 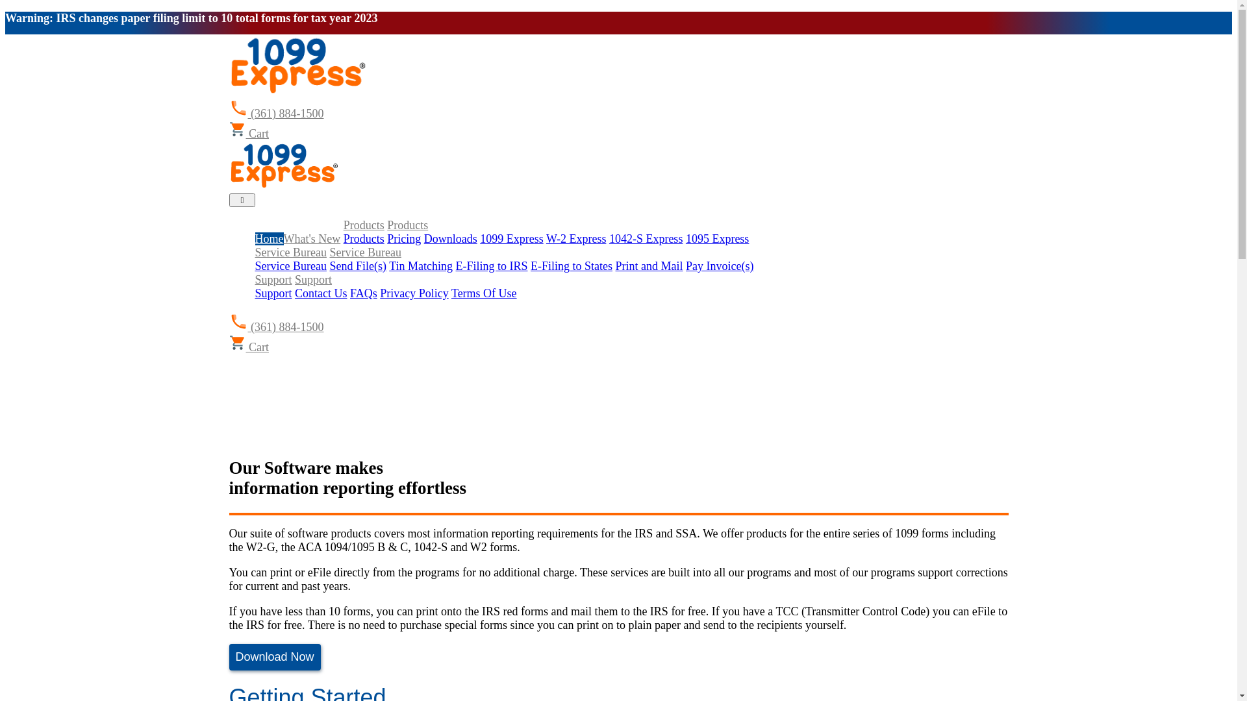 I want to click on '1042-S Express', so click(x=646, y=238).